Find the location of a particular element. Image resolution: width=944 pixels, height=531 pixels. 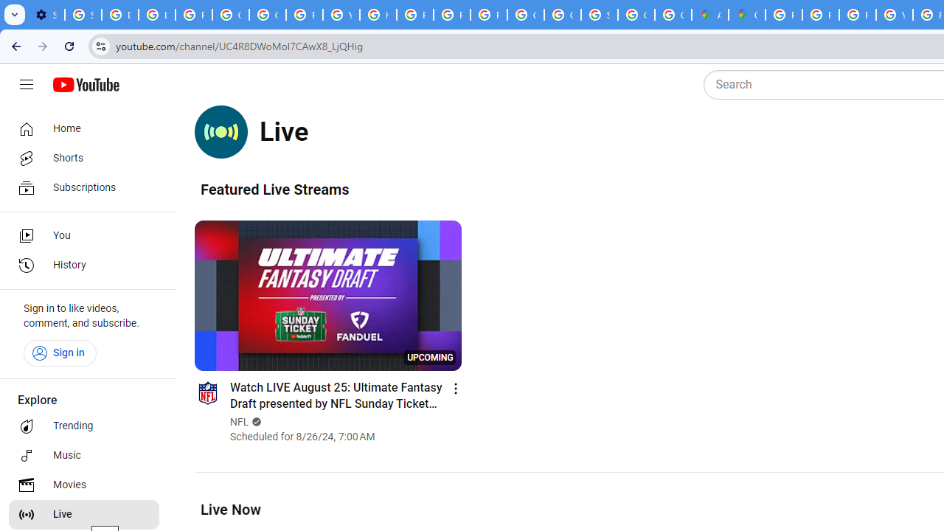

'Movies' is located at coordinates (83, 485).